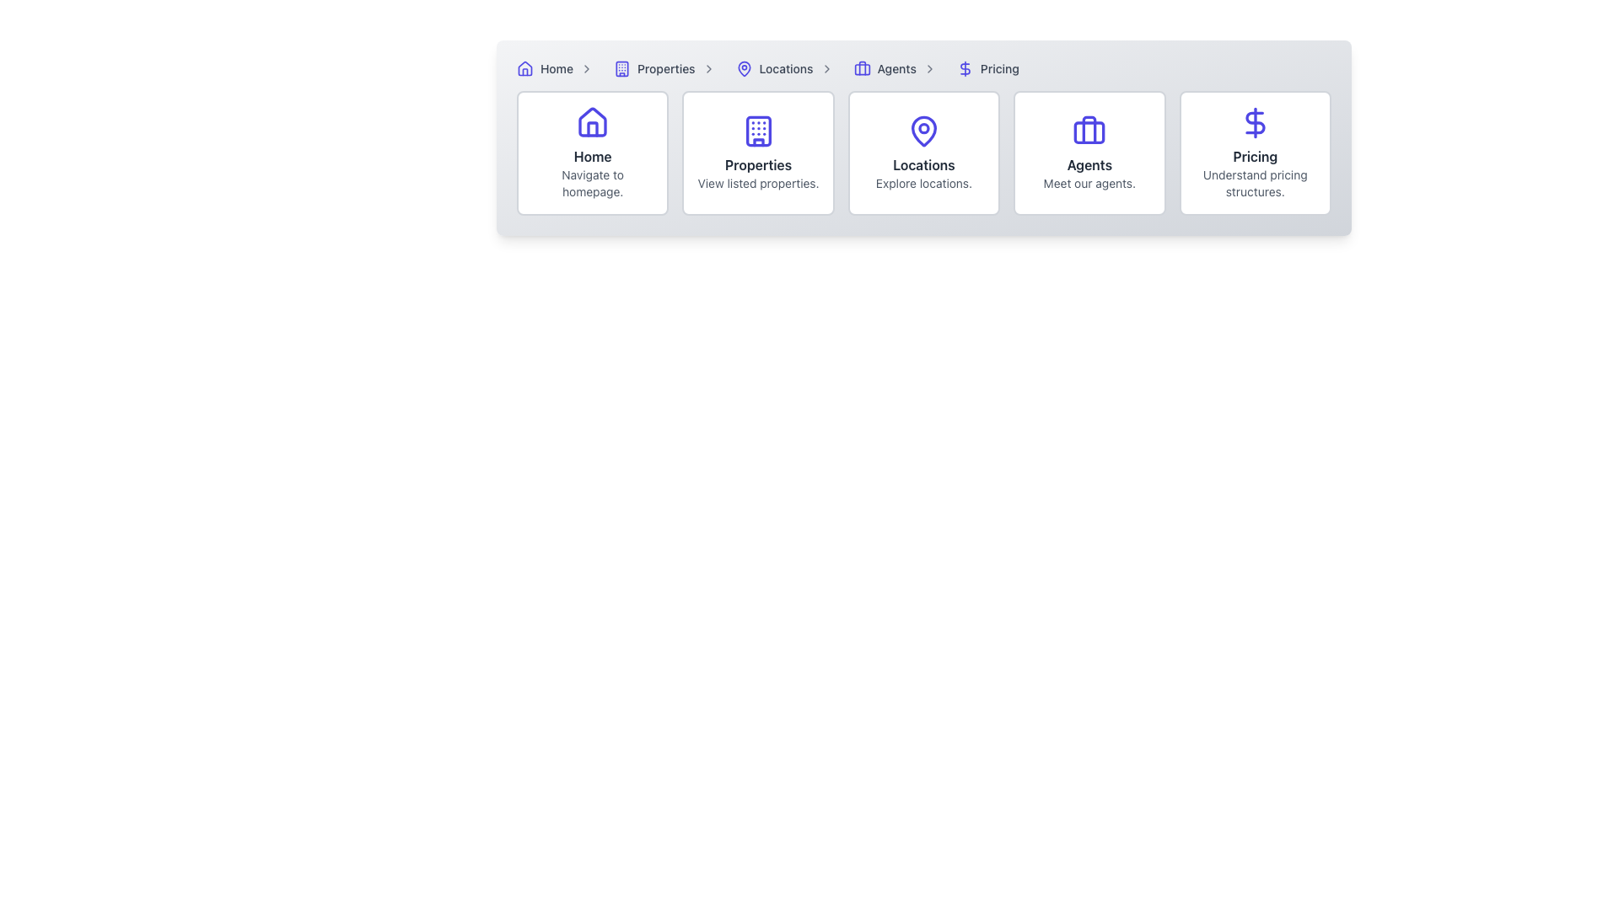  I want to click on the 'Pricing' icon in the navigation bar, which is the first component of its group and located at the far right of the menu, so click(965, 67).